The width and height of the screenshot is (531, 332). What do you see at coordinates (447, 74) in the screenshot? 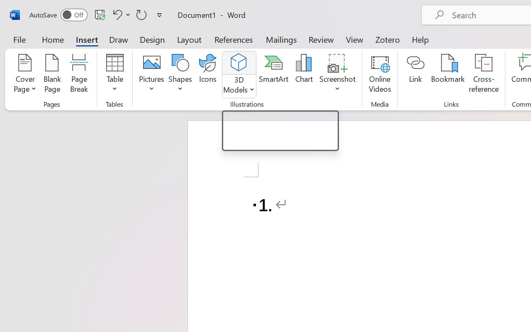
I see `'Bookmark...'` at bounding box center [447, 74].